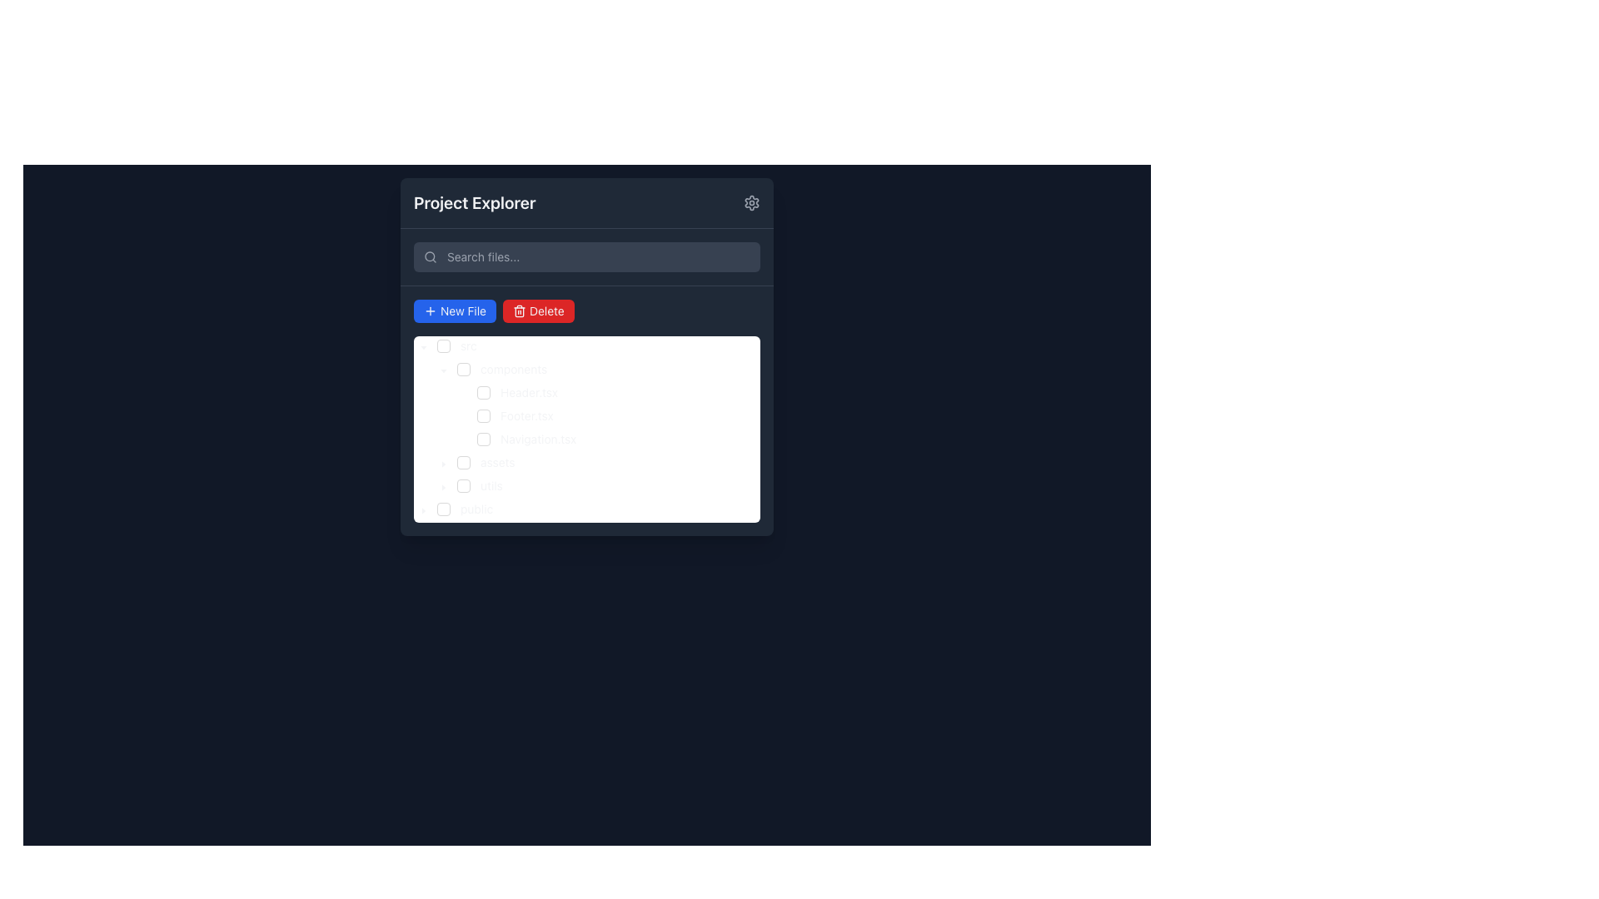 The image size is (1599, 899). I want to click on the list item labeled 'Navigation.tsx' in the Project Explorer panel, so click(538, 439).